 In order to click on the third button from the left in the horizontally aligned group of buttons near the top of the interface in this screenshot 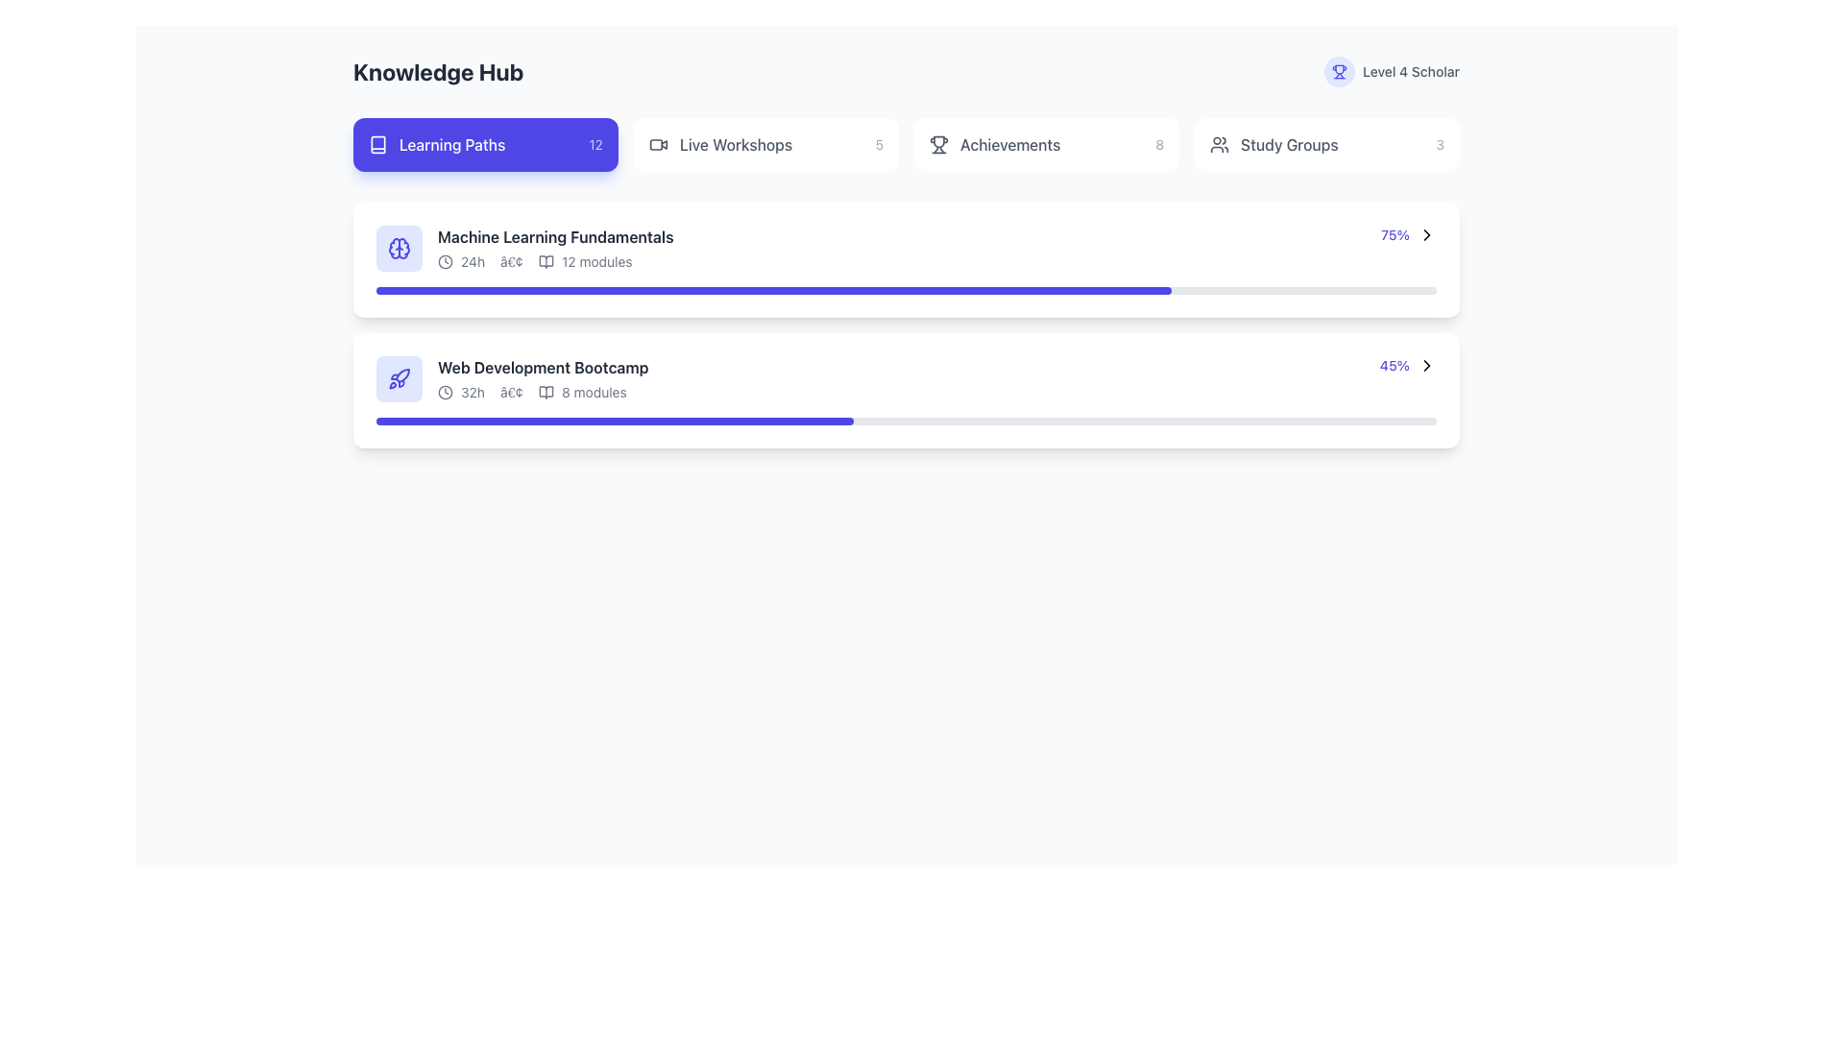, I will do `click(1045, 143)`.